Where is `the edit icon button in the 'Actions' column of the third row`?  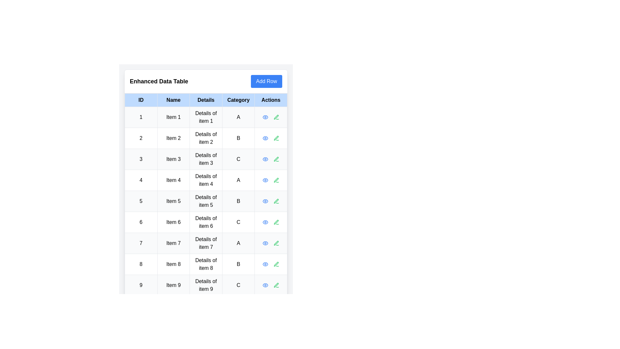 the edit icon button in the 'Actions' column of the third row is located at coordinates (276, 159).